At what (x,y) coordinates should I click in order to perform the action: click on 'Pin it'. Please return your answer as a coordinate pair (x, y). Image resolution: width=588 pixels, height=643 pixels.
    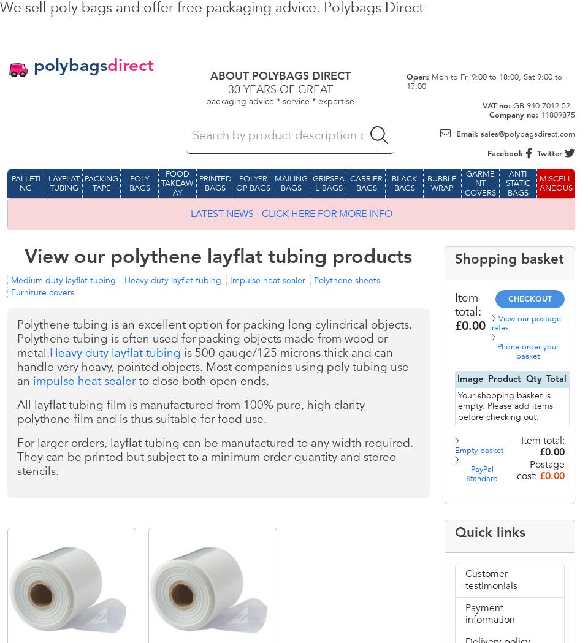
    Looking at the image, I should click on (80, 61).